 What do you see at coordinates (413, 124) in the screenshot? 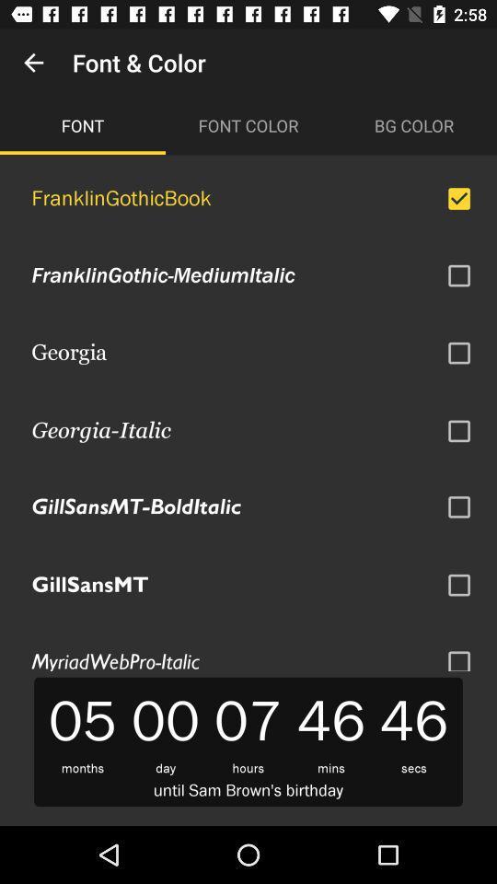
I see `bg color item` at bounding box center [413, 124].